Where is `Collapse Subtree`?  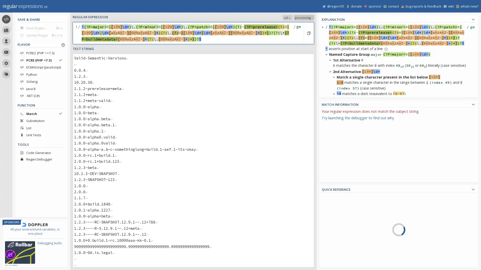 Collapse Subtree is located at coordinates (331, 71).